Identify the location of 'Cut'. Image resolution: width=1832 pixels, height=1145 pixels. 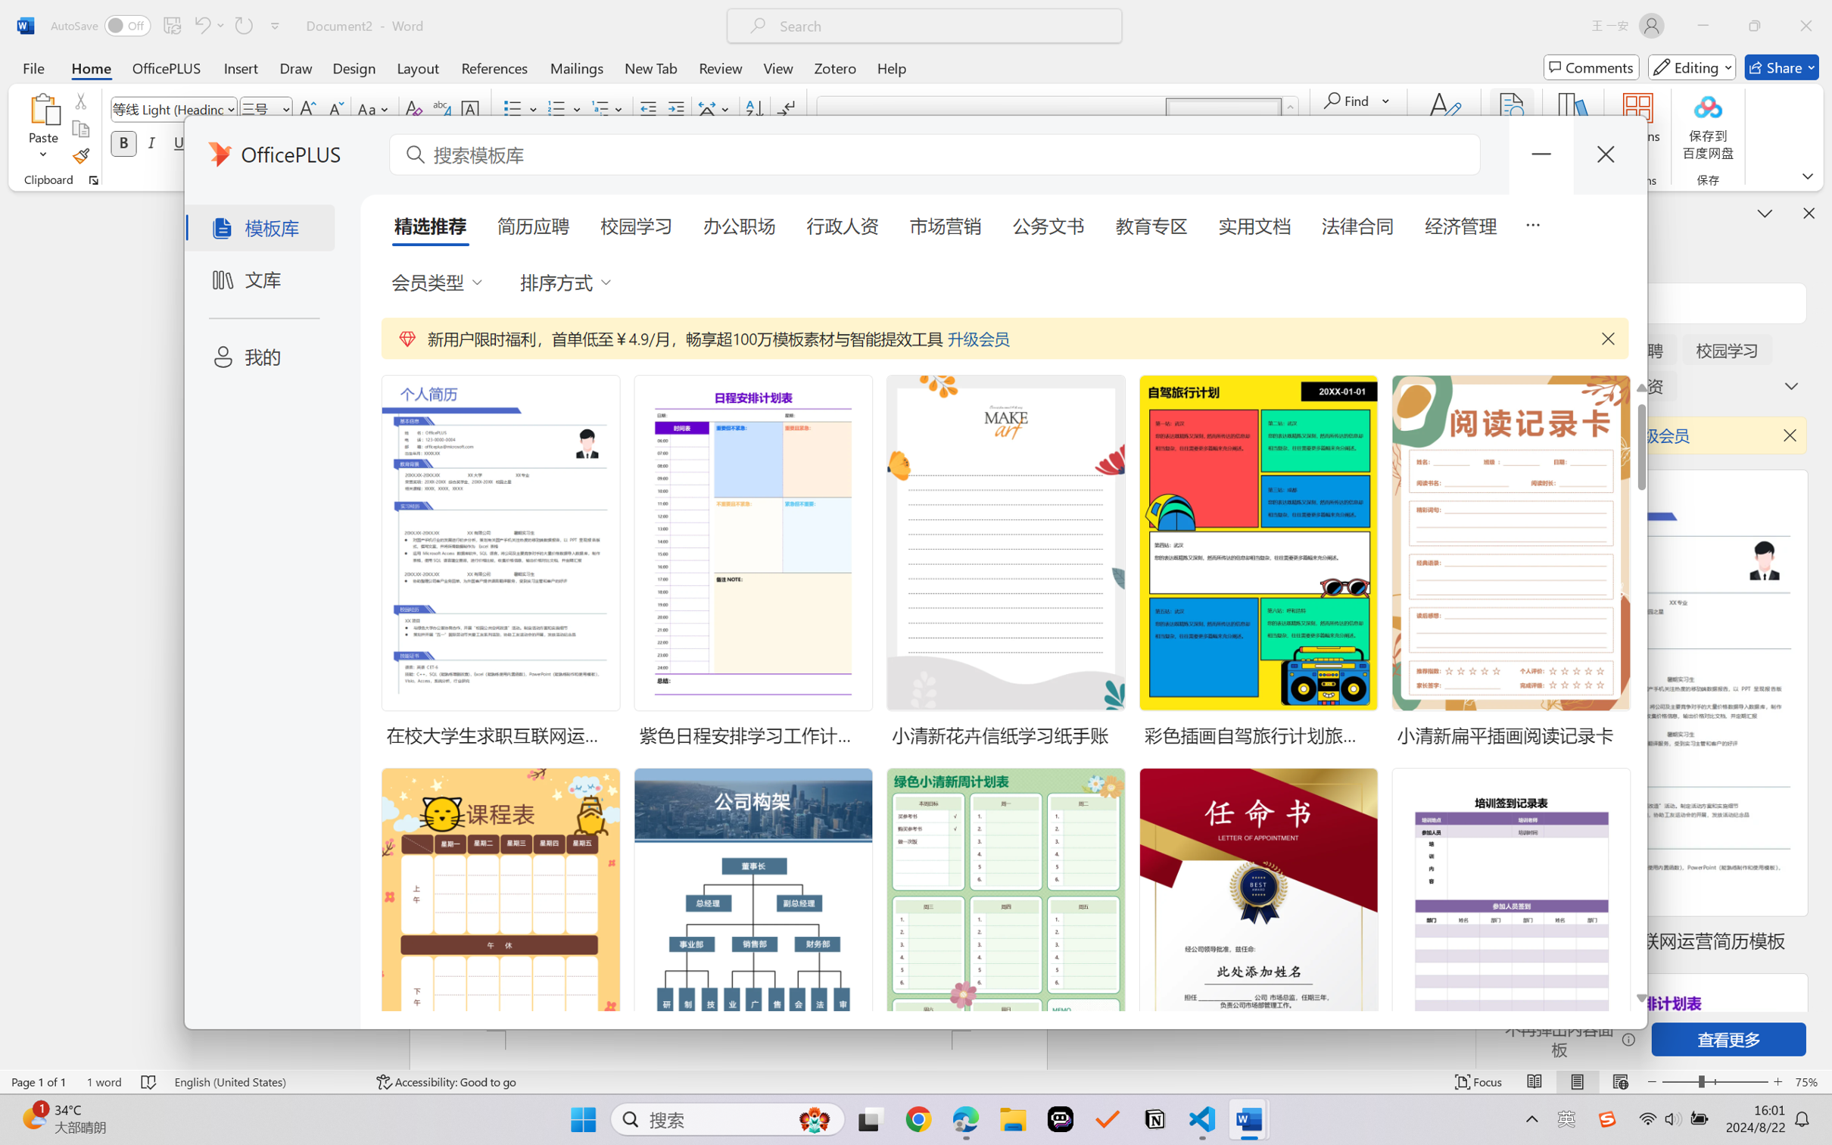
(79, 99).